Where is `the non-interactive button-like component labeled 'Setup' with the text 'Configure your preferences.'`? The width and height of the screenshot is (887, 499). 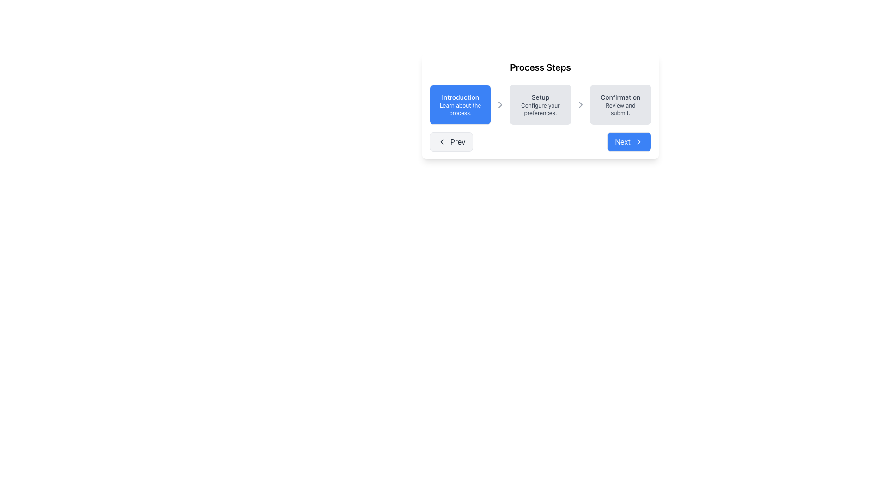
the non-interactive button-like component labeled 'Setup' with the text 'Configure your preferences.' is located at coordinates (541, 104).